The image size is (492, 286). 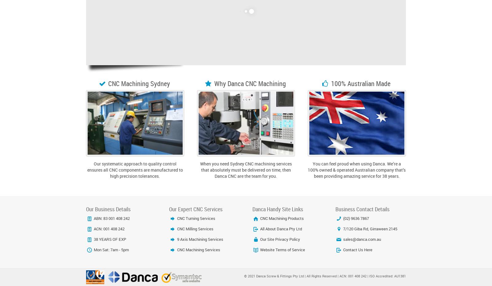 What do you see at coordinates (199, 239) in the screenshot?
I see `'9 Axis Machining Services'` at bounding box center [199, 239].